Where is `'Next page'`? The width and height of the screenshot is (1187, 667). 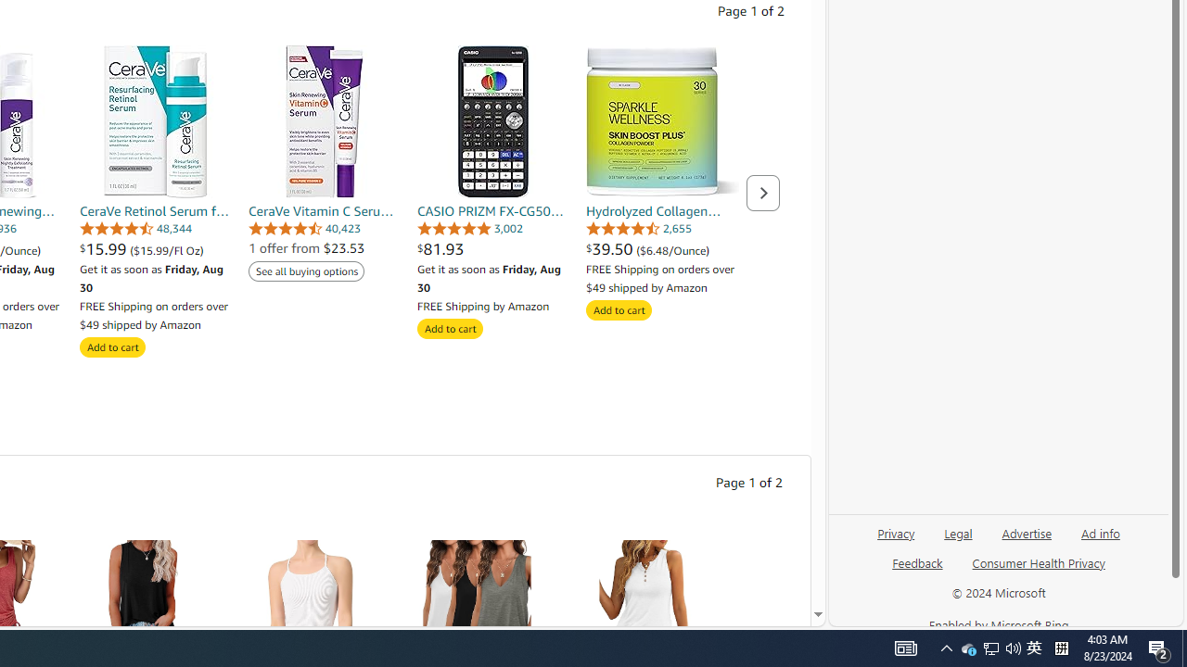
'Next page' is located at coordinates (763, 193).